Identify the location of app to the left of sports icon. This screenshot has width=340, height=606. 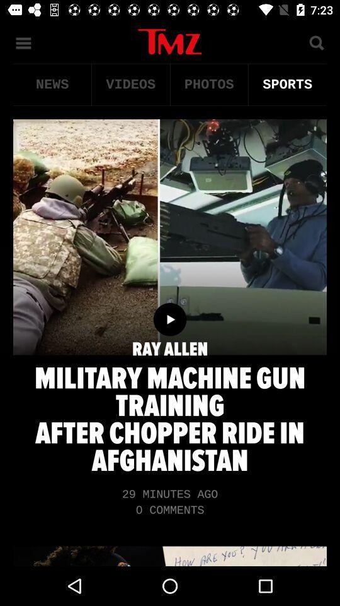
(209, 84).